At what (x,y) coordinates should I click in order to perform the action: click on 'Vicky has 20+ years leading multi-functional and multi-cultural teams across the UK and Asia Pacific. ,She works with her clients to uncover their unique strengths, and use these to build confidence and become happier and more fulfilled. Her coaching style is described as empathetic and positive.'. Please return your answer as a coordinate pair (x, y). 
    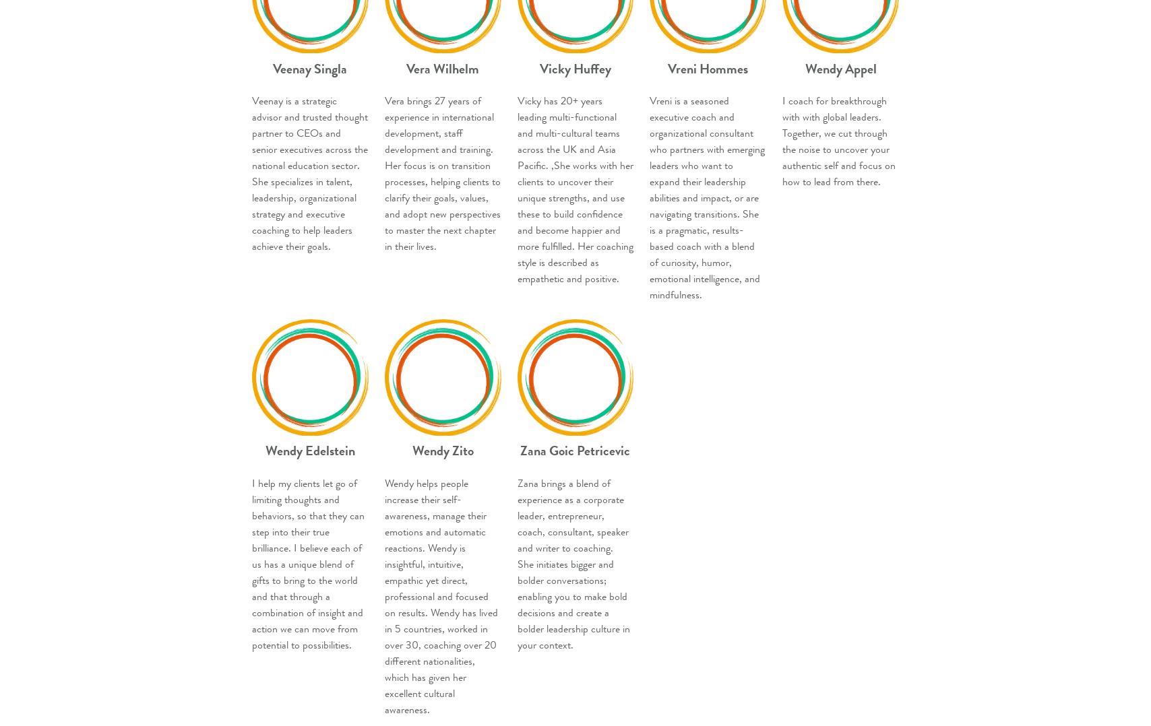
    Looking at the image, I should click on (517, 190).